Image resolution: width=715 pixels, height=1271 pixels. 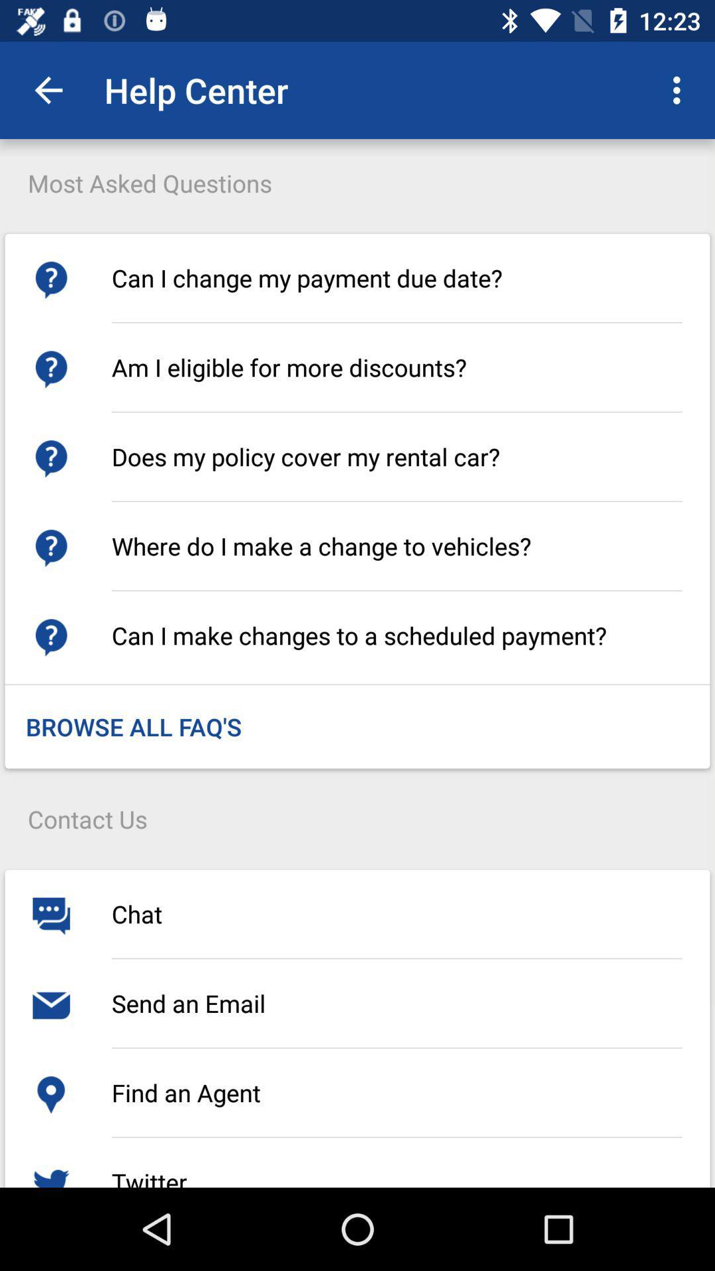 What do you see at coordinates (680, 89) in the screenshot?
I see `the icon at the top right corner` at bounding box center [680, 89].